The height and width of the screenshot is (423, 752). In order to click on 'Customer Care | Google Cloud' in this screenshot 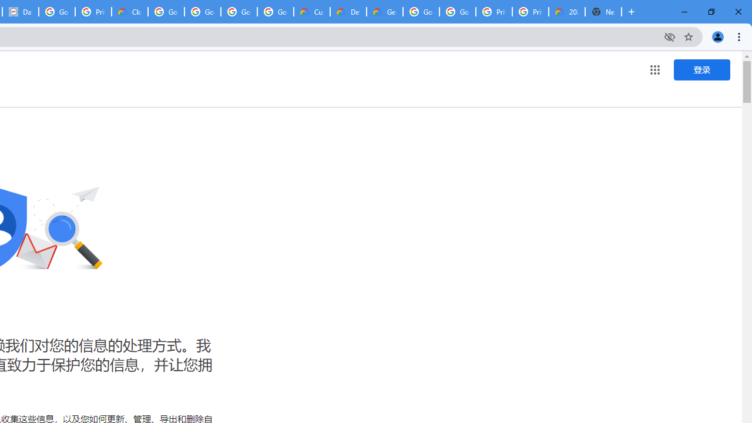, I will do `click(312, 12)`.